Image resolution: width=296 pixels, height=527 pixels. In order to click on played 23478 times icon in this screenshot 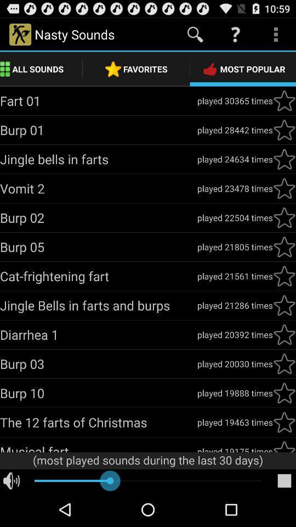, I will do `click(234, 188)`.